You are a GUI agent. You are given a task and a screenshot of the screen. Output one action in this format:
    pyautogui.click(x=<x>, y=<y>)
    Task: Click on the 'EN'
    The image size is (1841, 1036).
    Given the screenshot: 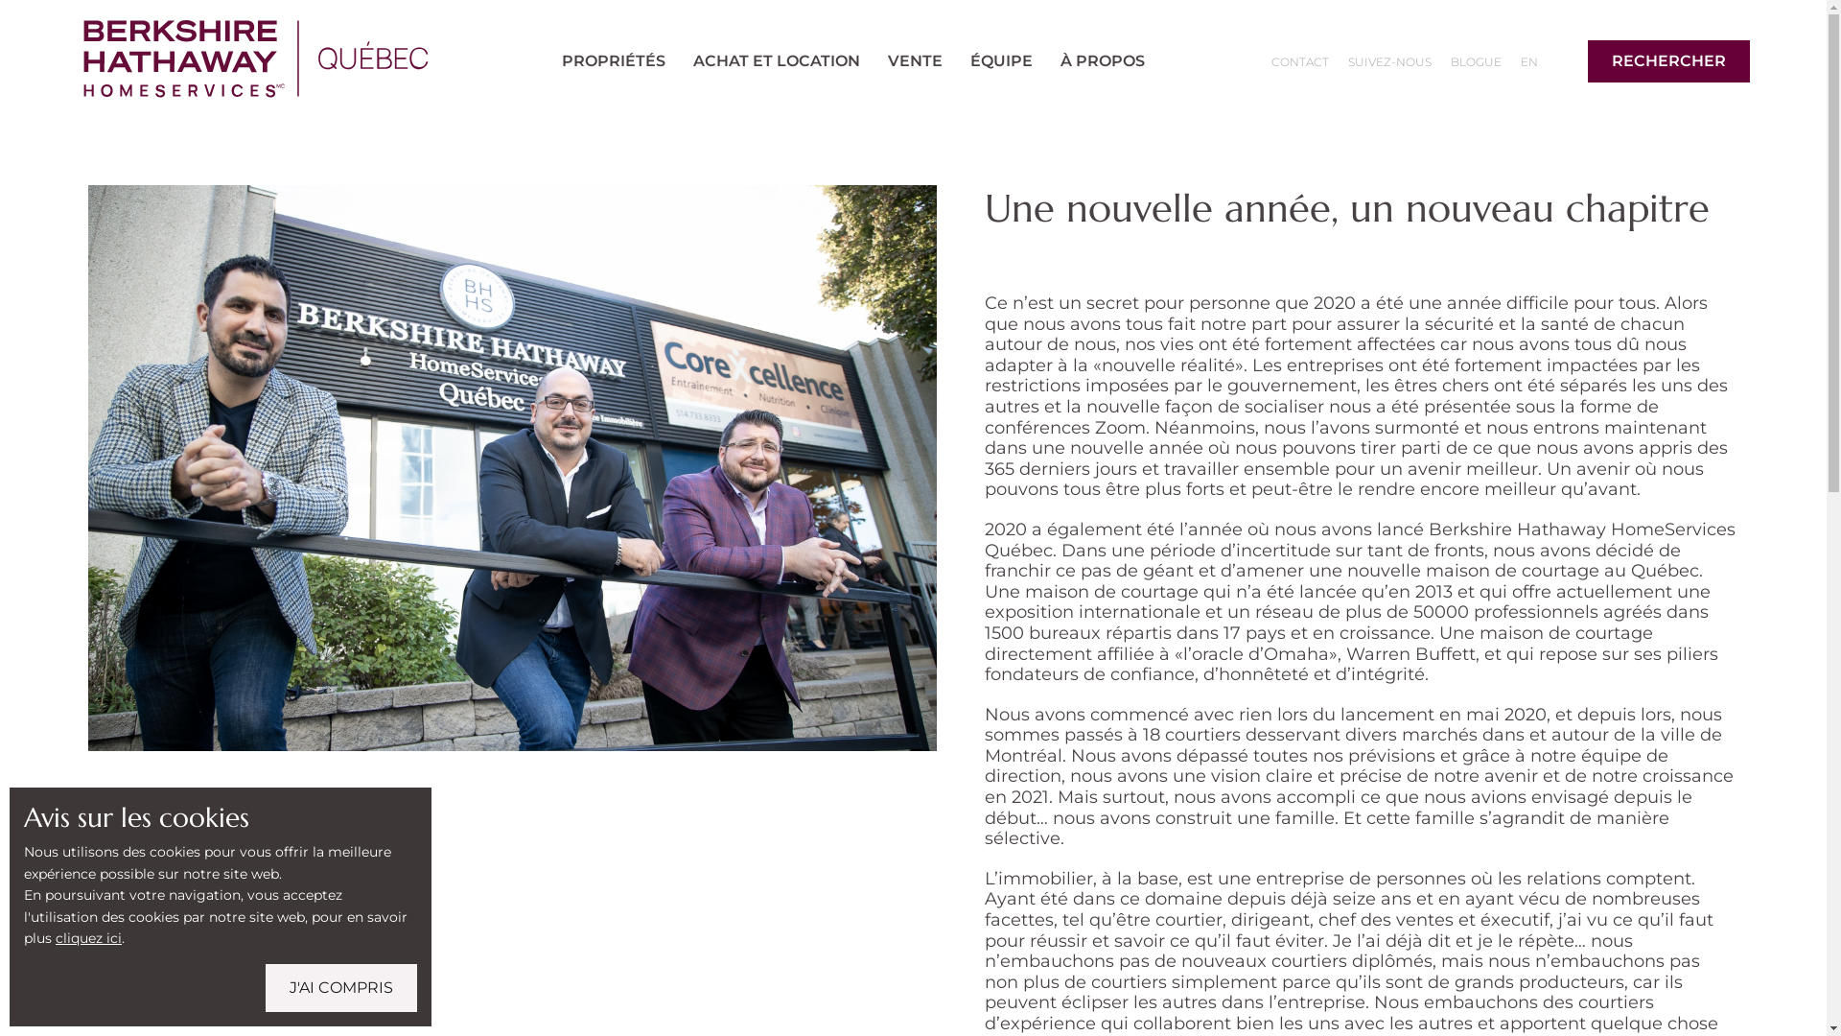 What is the action you would take?
    pyautogui.click(x=1512, y=61)
    